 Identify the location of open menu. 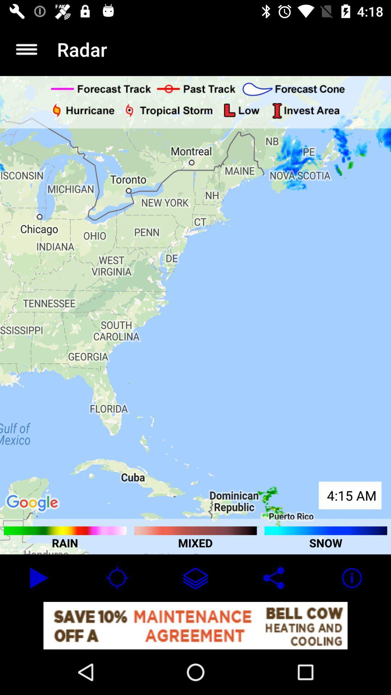
(26, 49).